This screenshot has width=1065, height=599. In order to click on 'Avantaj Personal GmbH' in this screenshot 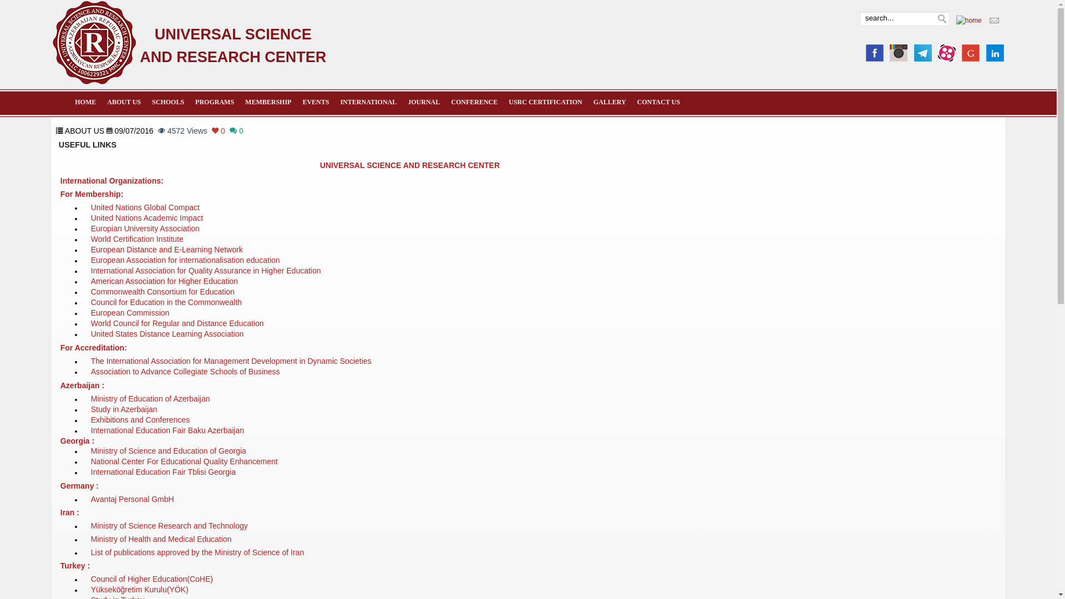, I will do `click(133, 500)`.